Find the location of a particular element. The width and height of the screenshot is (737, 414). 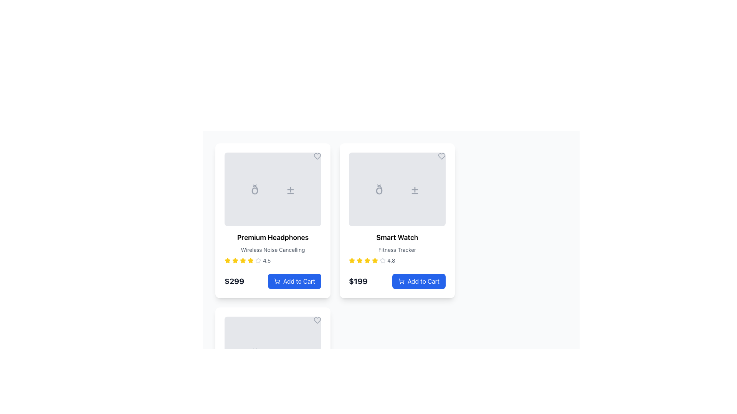

the yellow star icon, which is the third star in the rating section below the product title 'Premium Headphones' is located at coordinates (235, 260).